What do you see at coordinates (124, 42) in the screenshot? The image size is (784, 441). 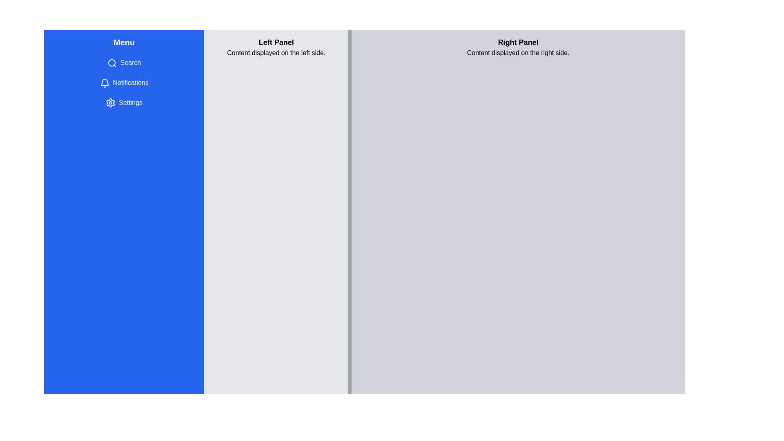 I see `the 'Menu' header located at the top of the blue vertical sidebar, which is visually distinct with bold, white, large font` at bounding box center [124, 42].